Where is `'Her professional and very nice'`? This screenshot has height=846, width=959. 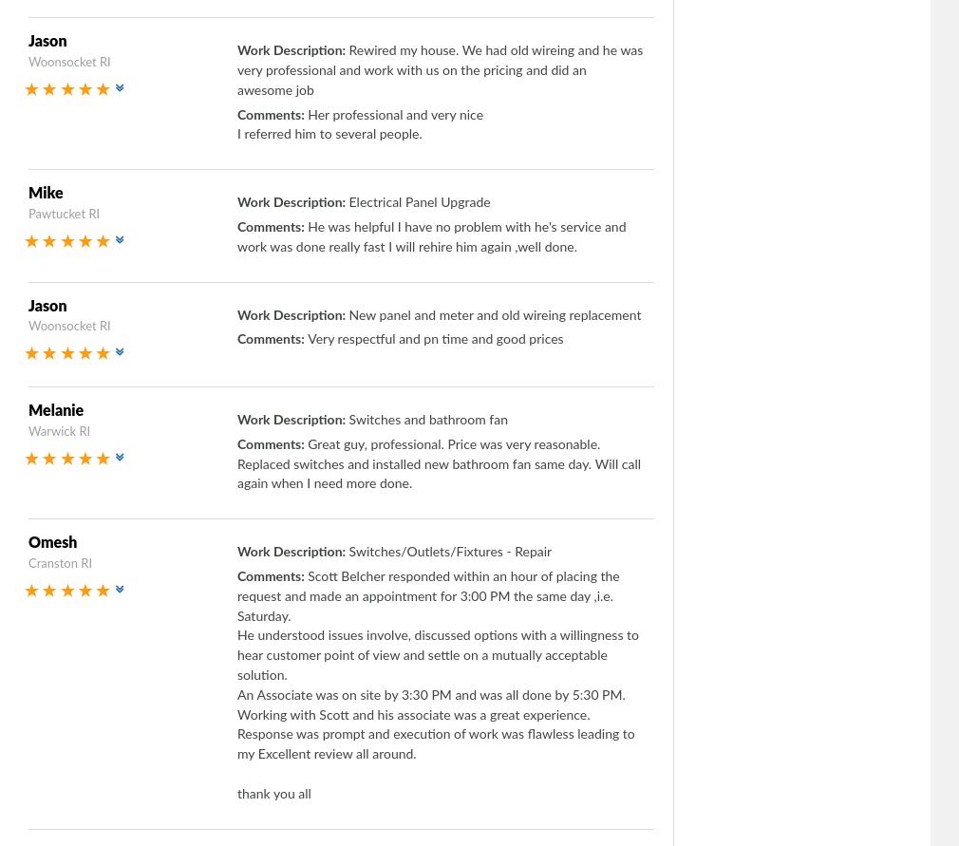
'Her professional and very nice' is located at coordinates (395, 113).